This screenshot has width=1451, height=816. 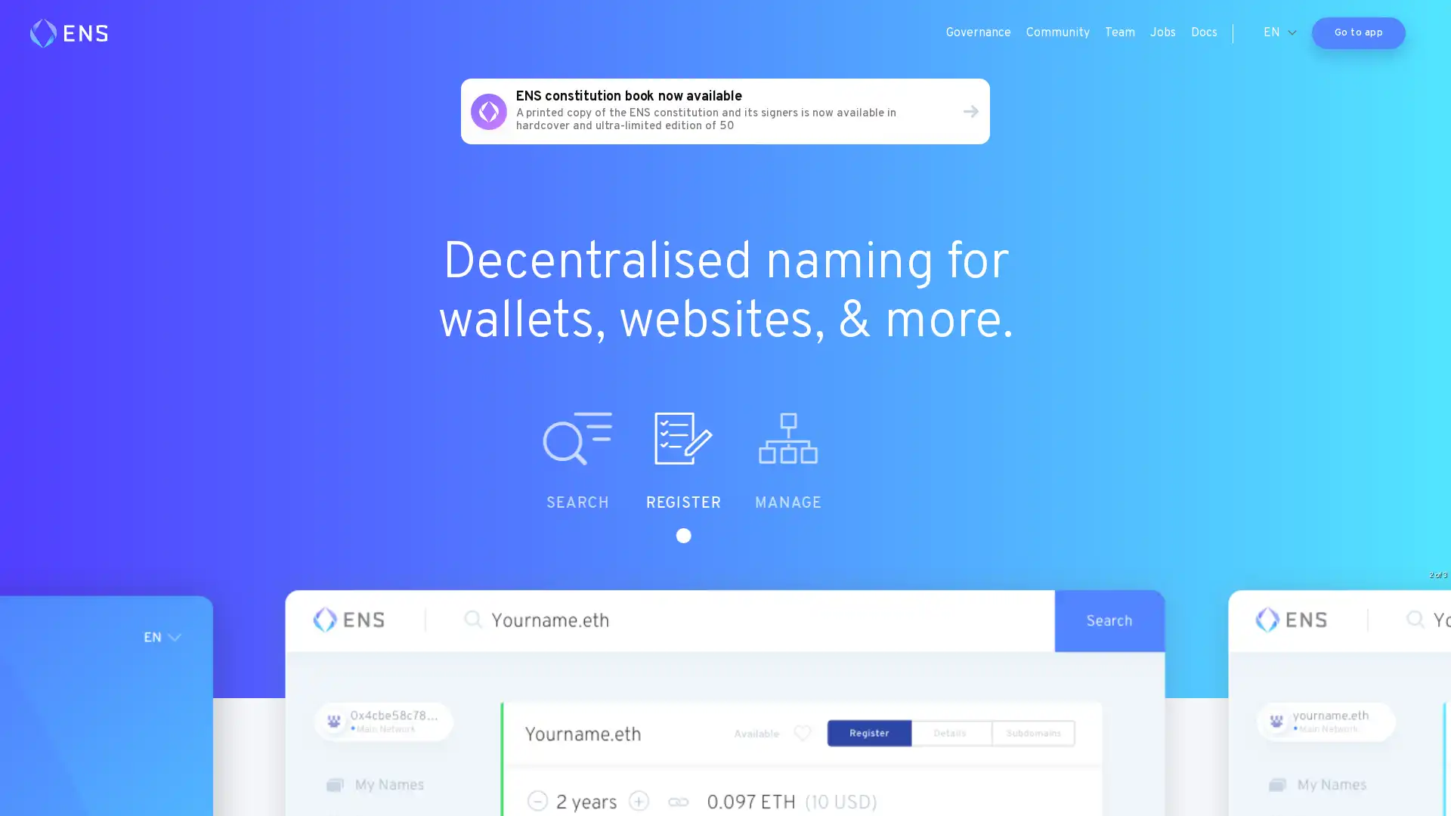 What do you see at coordinates (635, 478) in the screenshot?
I see `slide item 1` at bounding box center [635, 478].